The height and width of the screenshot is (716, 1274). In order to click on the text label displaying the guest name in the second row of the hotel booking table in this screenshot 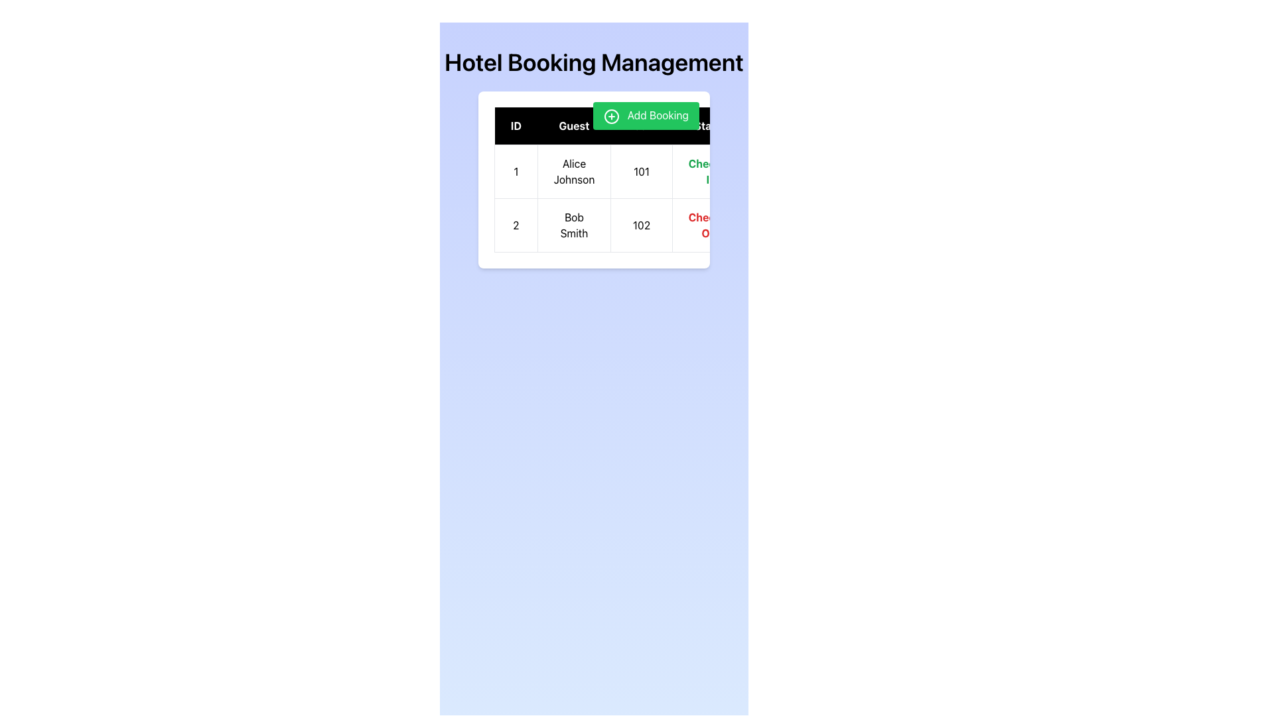, I will do `click(574, 224)`.